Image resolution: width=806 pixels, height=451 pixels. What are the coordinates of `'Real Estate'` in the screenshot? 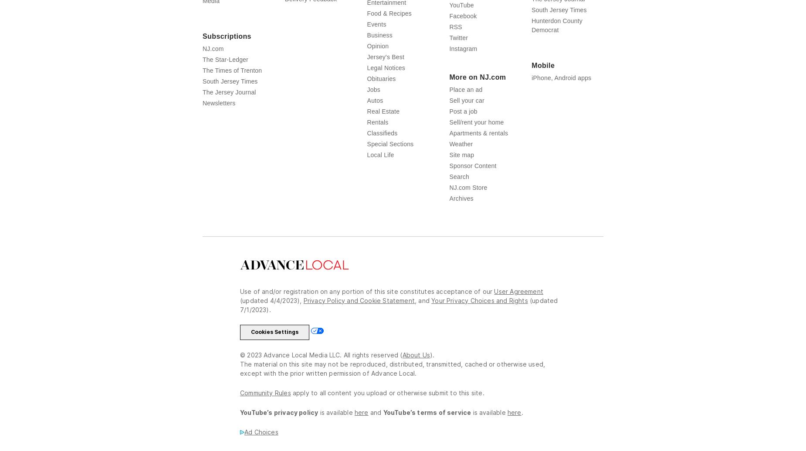 It's located at (383, 111).